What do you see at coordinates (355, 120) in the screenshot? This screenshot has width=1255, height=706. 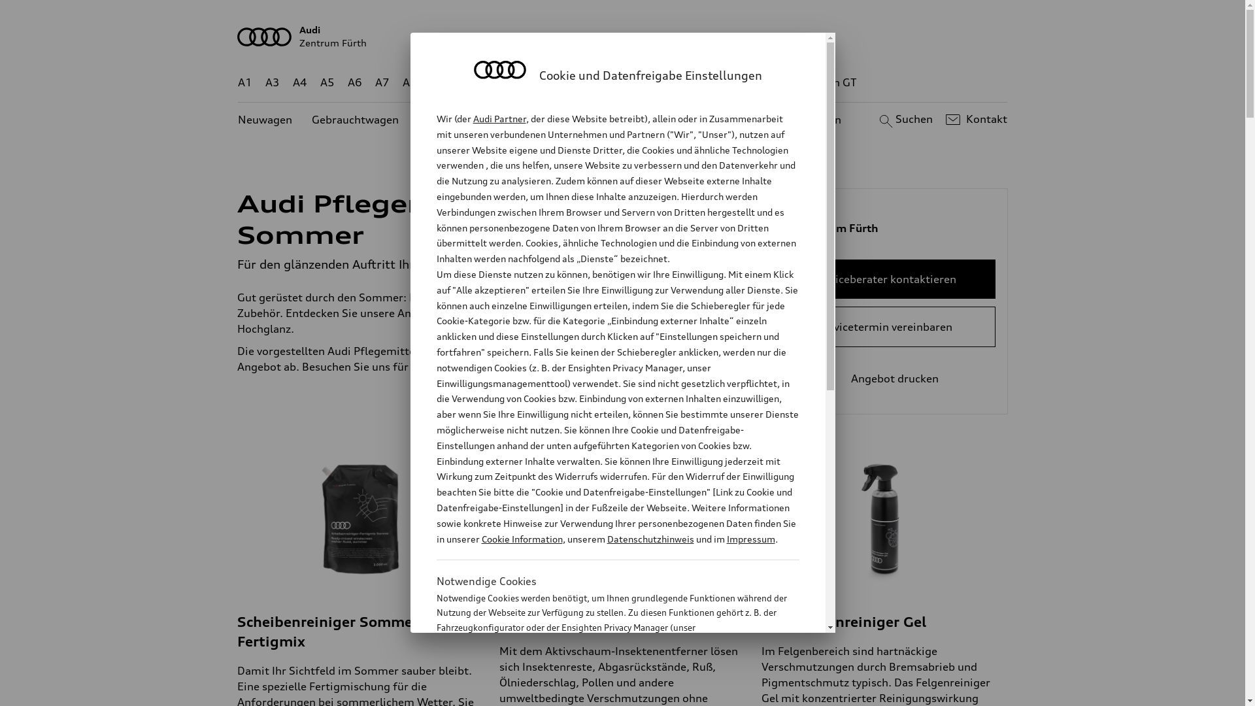 I see `'Gebrauchtwagen'` at bounding box center [355, 120].